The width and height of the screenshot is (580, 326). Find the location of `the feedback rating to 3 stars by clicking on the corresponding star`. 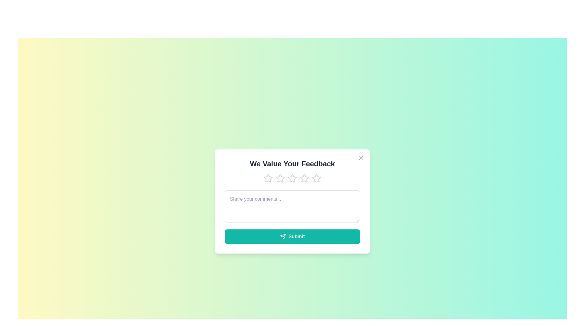

the feedback rating to 3 stars by clicking on the corresponding star is located at coordinates (292, 178).